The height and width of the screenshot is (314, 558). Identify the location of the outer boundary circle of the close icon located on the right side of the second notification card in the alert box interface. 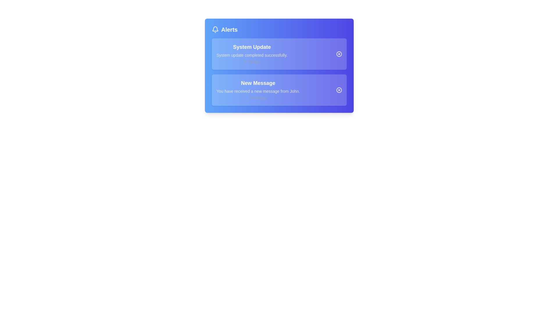
(339, 90).